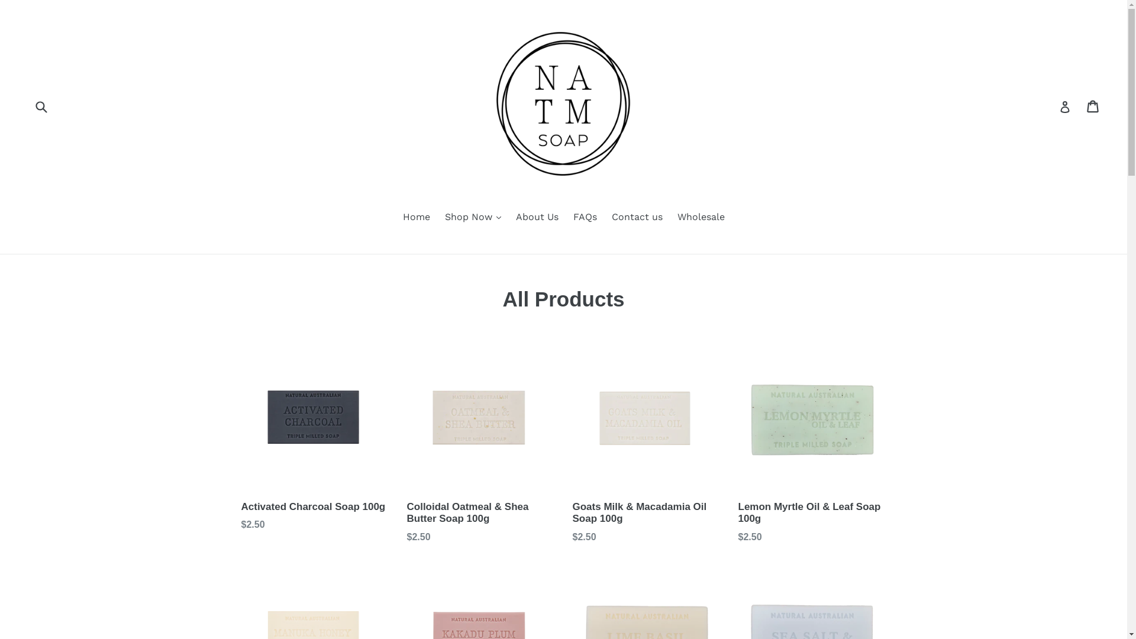 The image size is (1136, 639). Describe the element at coordinates (670, 218) in the screenshot. I see `'Wholesale'` at that location.